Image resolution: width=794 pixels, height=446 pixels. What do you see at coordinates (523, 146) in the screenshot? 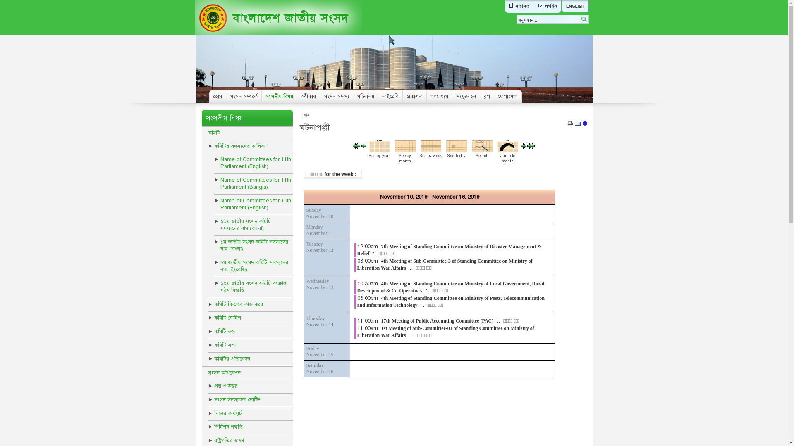
I see `'Next week'` at bounding box center [523, 146].